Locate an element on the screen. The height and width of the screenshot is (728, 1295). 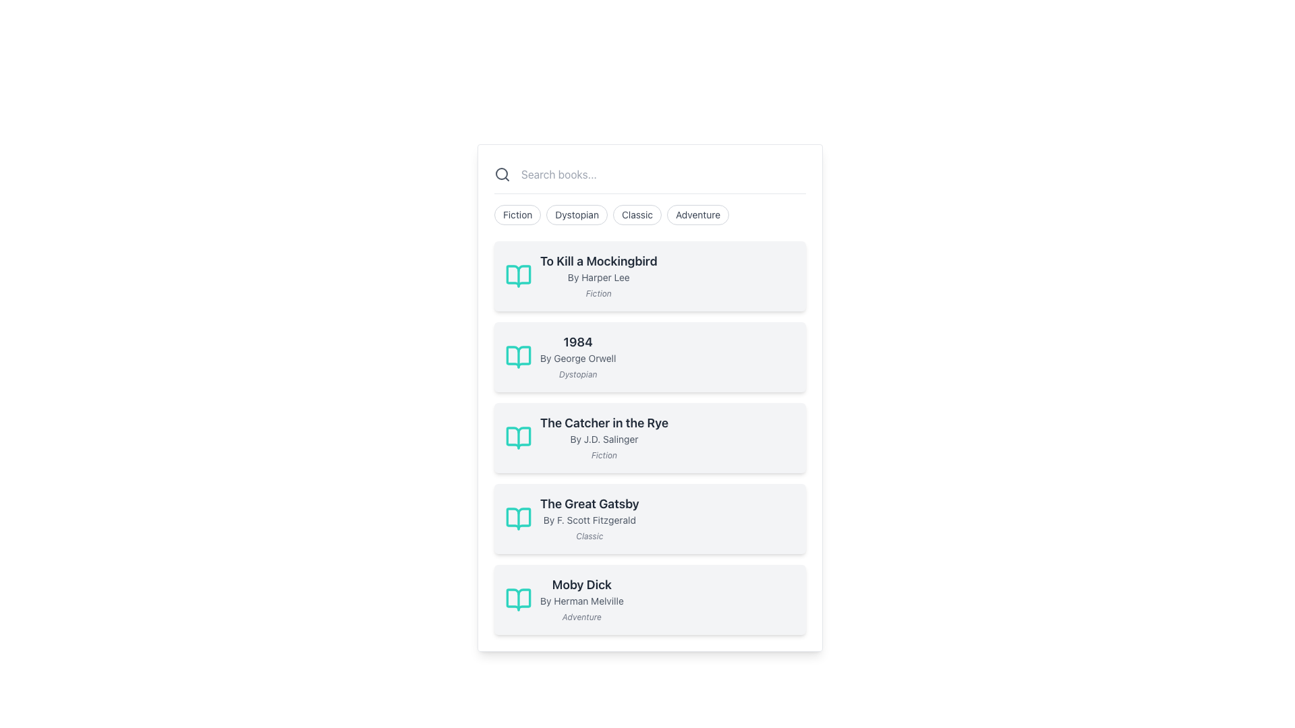
the text label displaying the author's name for the book 'To Kill a Mockingbird', located beneath the title and above the genre classification 'Fiction' is located at coordinates (598, 277).